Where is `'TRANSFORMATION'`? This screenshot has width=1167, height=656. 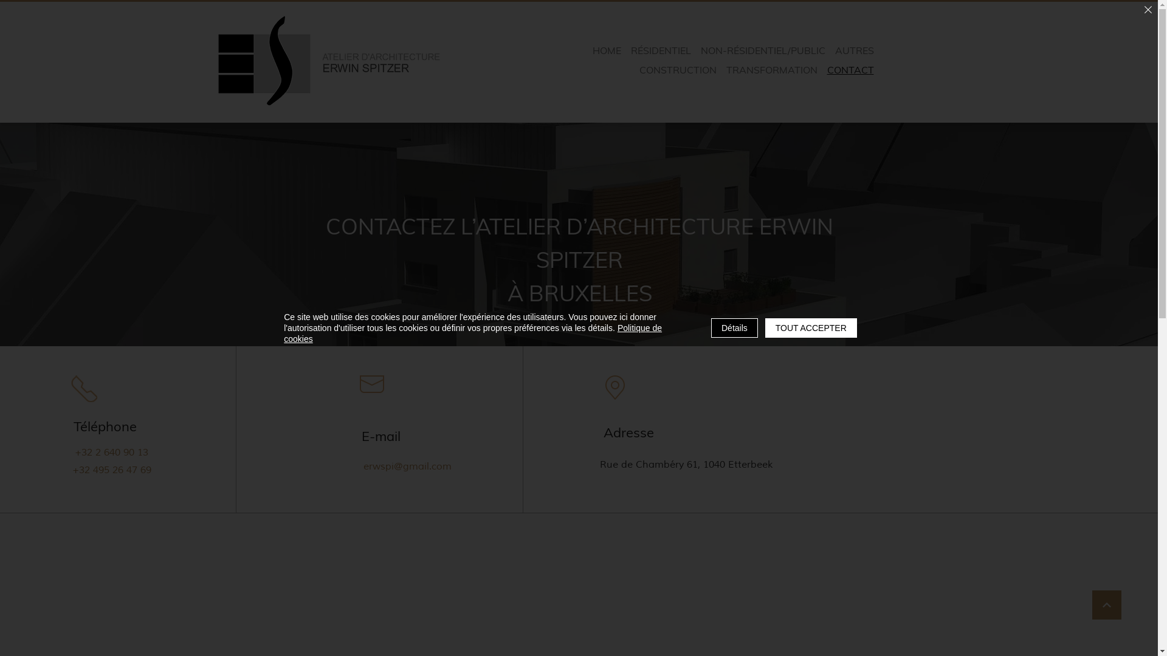 'TRANSFORMATION' is located at coordinates (771, 70).